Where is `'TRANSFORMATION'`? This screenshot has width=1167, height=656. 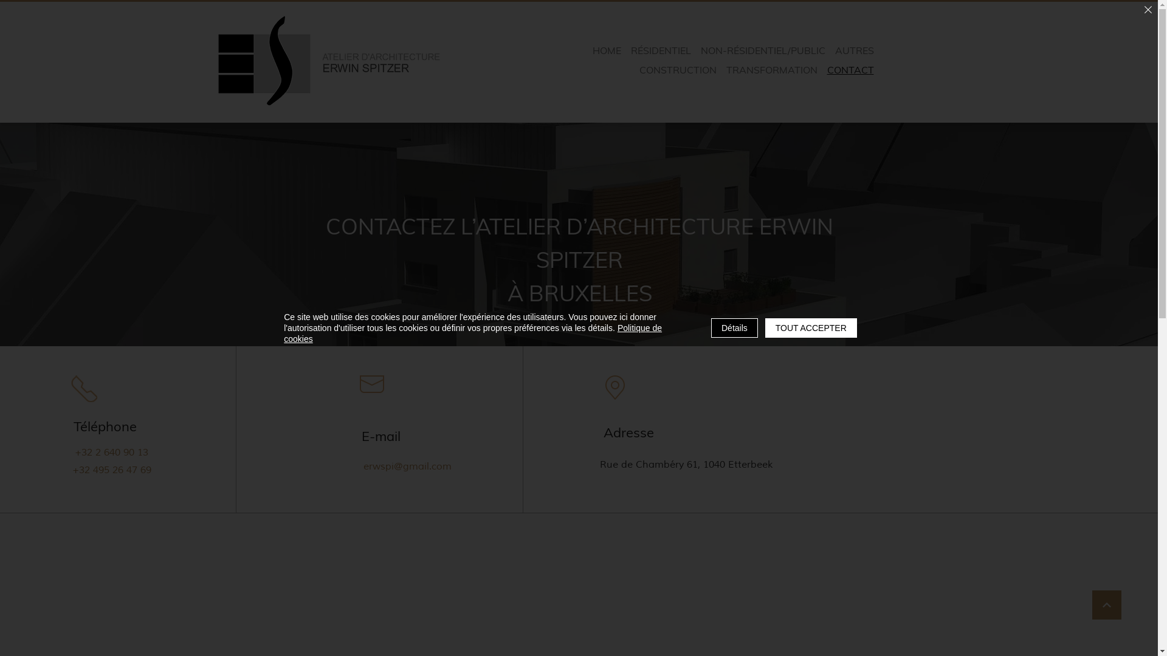 'TRANSFORMATION' is located at coordinates (771, 70).